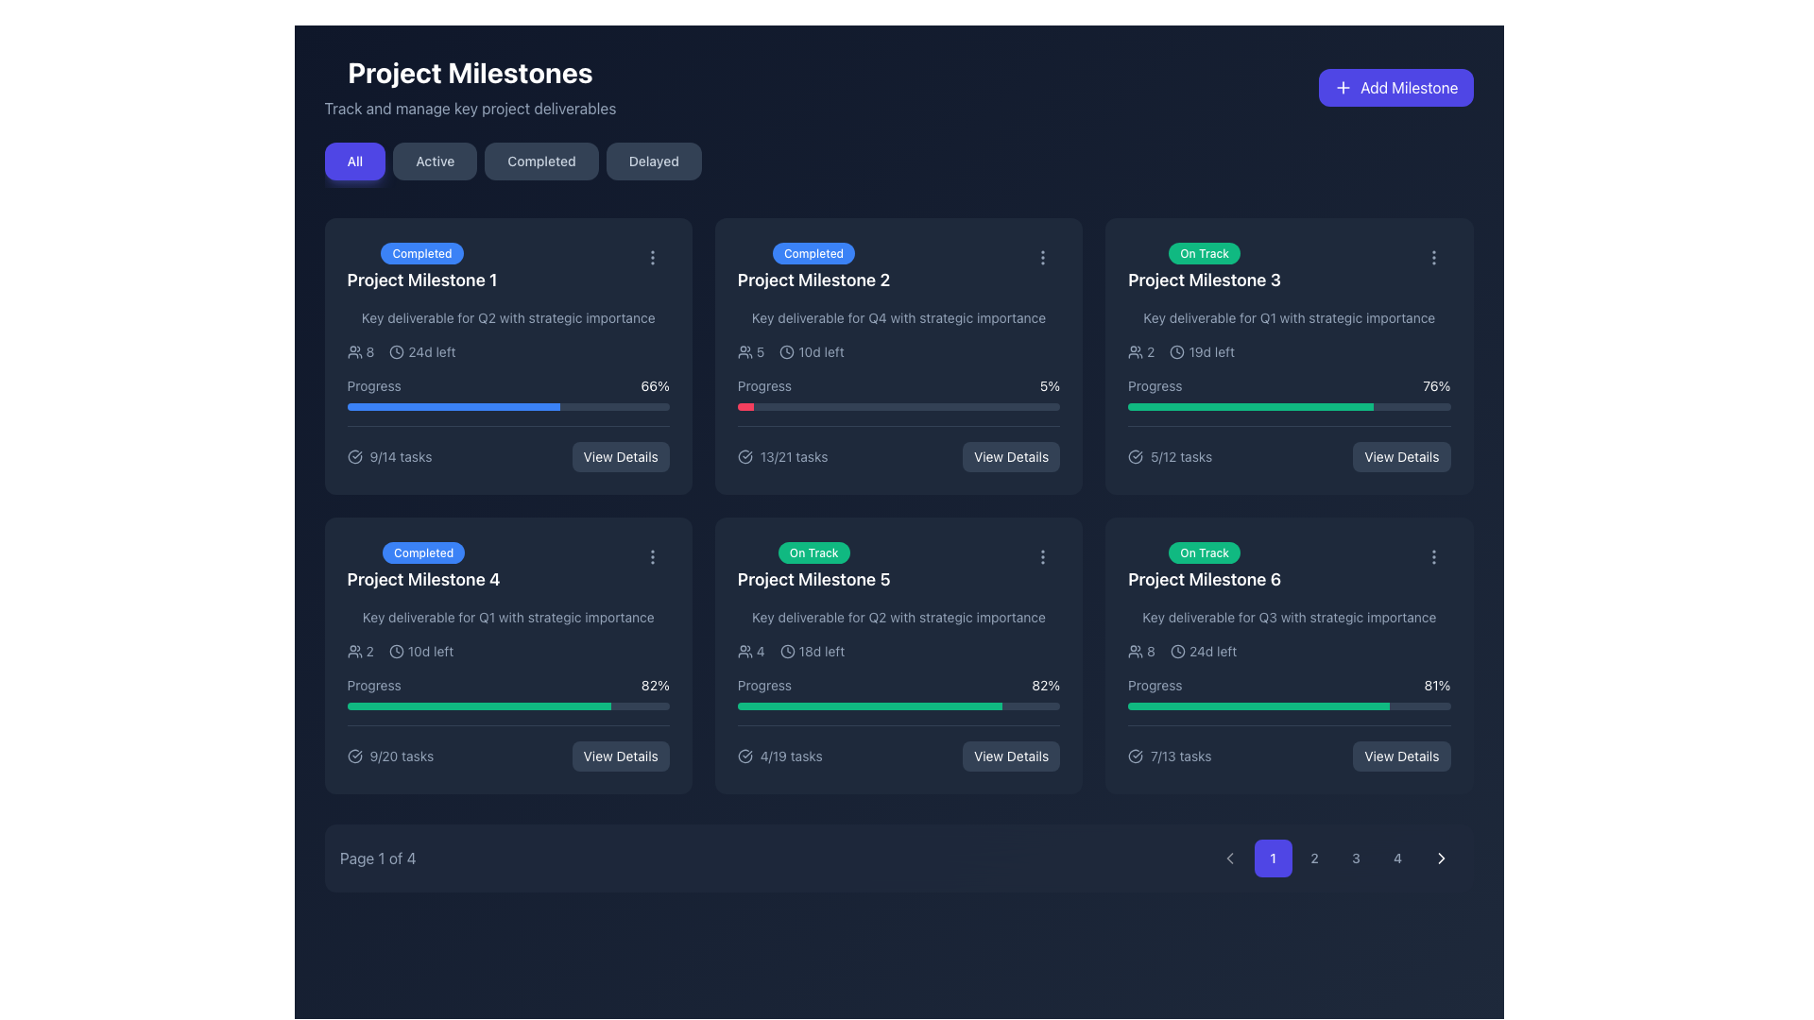 The width and height of the screenshot is (1814, 1020). Describe the element at coordinates (898, 266) in the screenshot. I see `and comprehend the status and name of the milestone by focusing on the label located at the top left section of the second card in the first row of cards` at that location.